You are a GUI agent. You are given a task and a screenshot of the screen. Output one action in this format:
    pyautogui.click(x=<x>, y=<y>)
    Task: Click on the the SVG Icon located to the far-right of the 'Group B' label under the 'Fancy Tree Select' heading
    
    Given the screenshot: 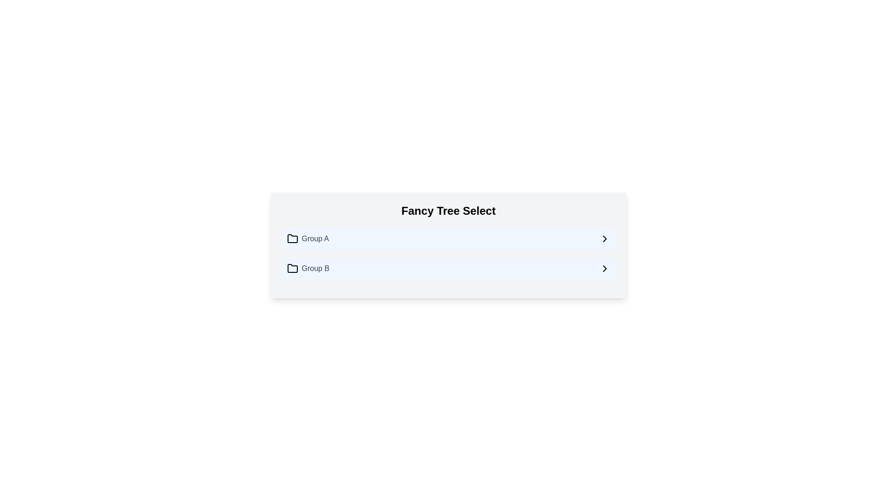 What is the action you would take?
    pyautogui.click(x=604, y=269)
    